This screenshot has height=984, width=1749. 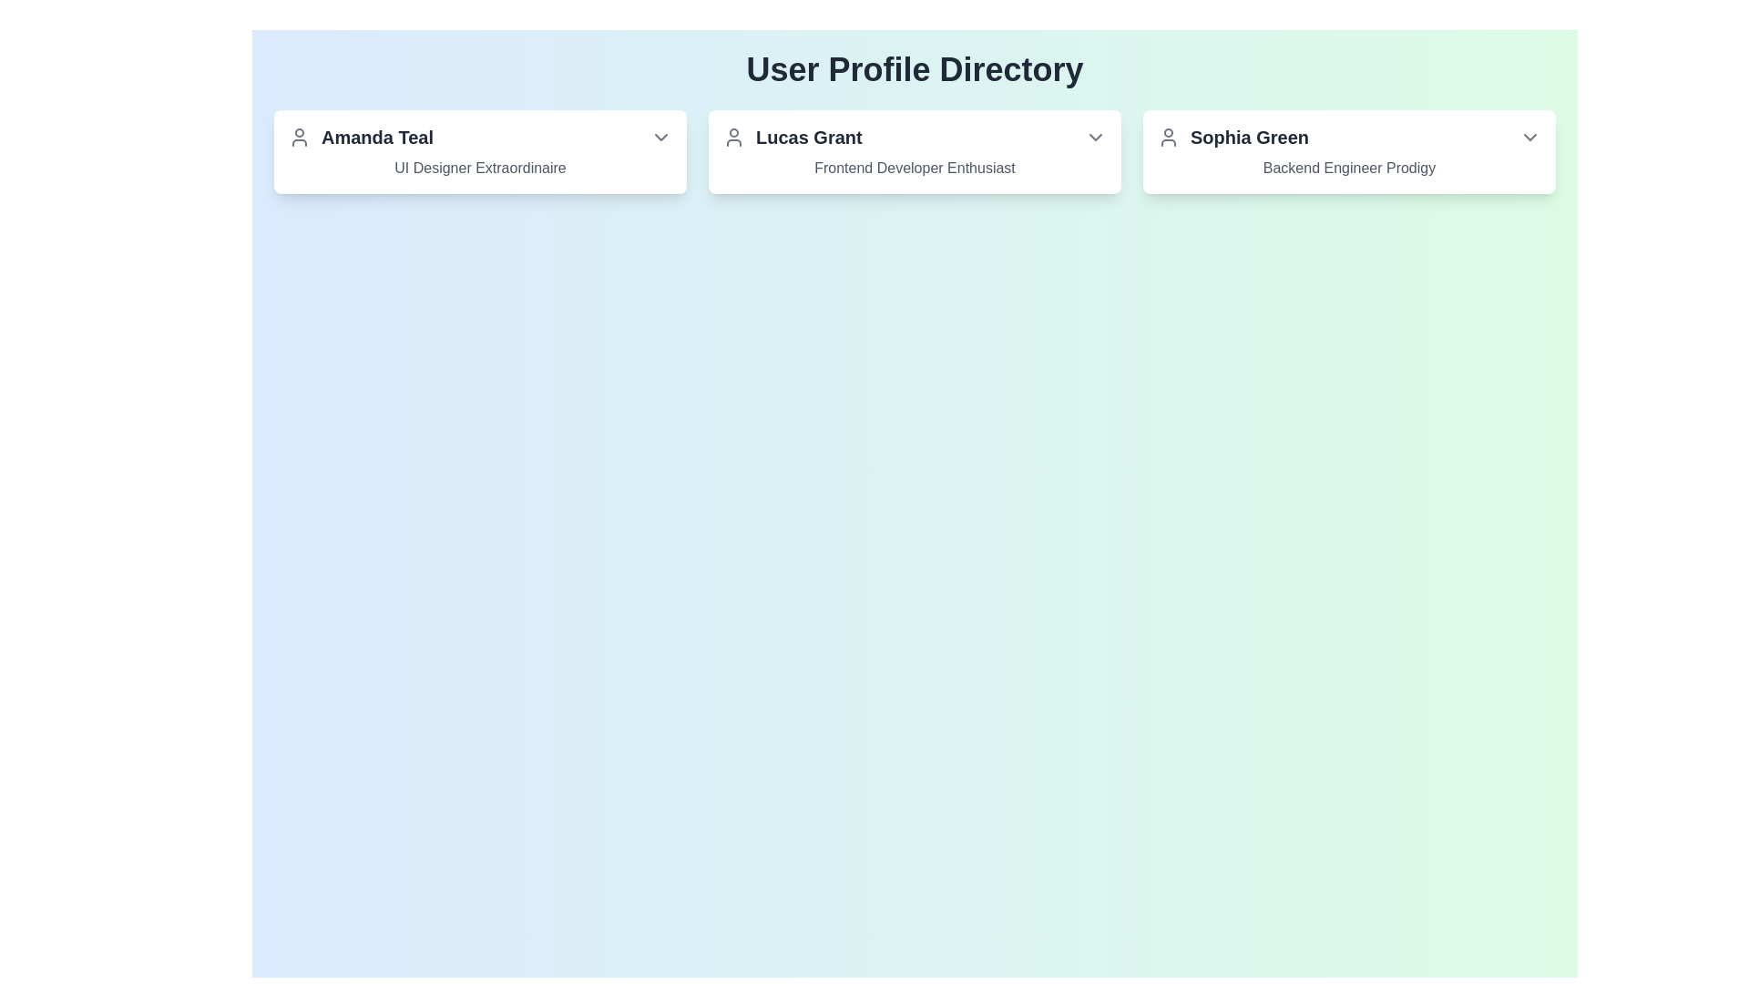 I want to click on text of the label 'Amanda Teal' which is styled in a larger bold font and located next to a user profile icon in the top-left corner of the user profile cards, so click(x=361, y=136).